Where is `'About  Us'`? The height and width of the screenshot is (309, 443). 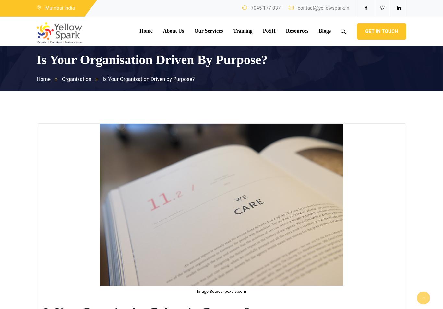 'About  Us' is located at coordinates (173, 30).